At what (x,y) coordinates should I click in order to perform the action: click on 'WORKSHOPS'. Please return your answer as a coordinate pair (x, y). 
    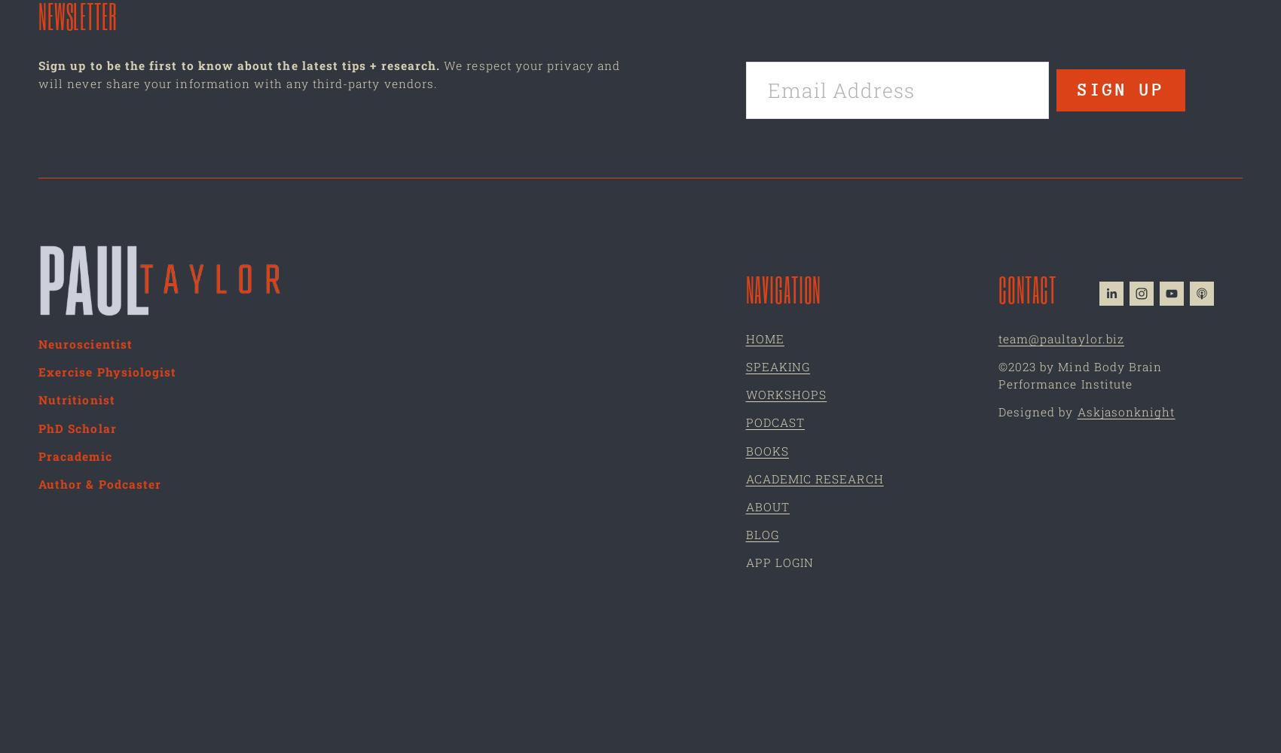
    Looking at the image, I should click on (784, 395).